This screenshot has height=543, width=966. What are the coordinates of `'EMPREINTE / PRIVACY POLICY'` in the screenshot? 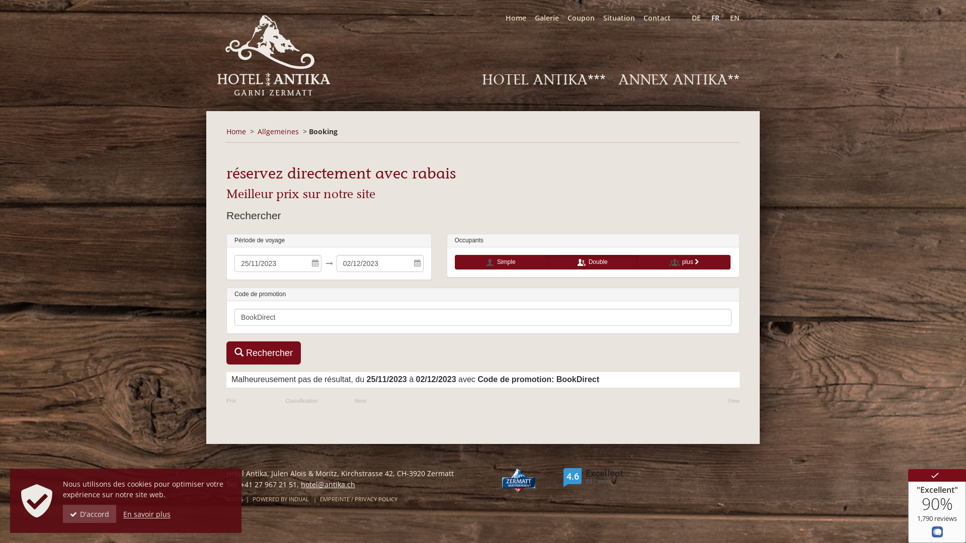 It's located at (359, 499).